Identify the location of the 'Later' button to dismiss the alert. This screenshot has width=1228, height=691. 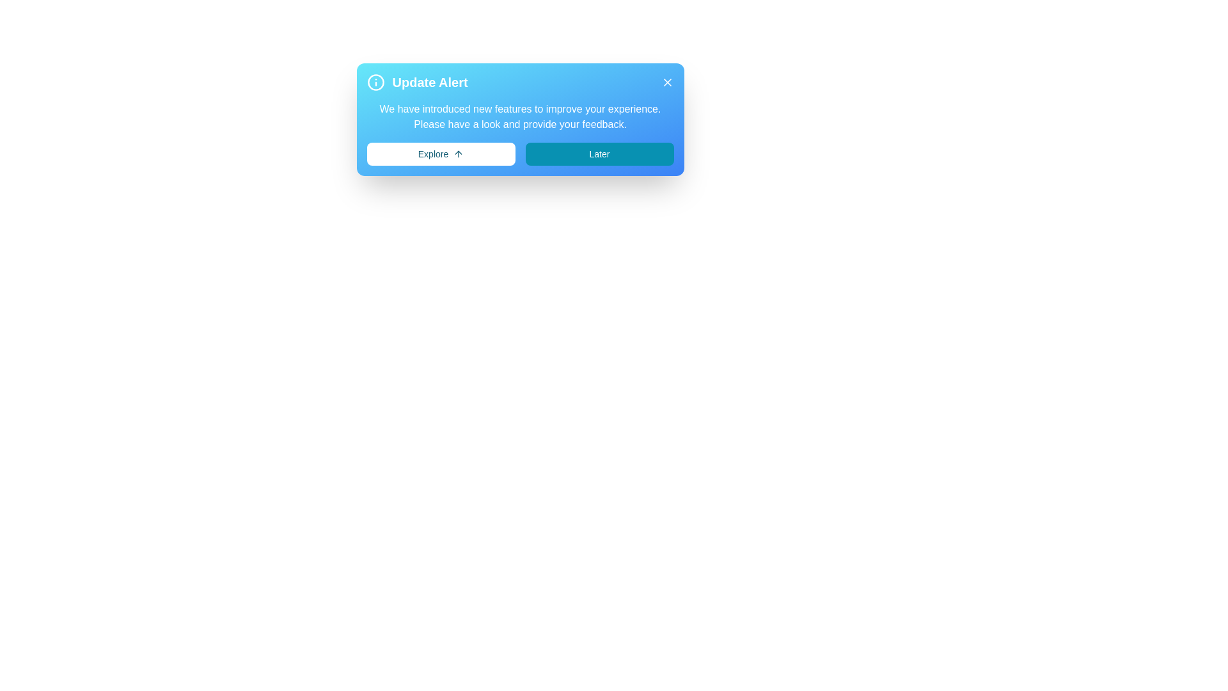
(599, 153).